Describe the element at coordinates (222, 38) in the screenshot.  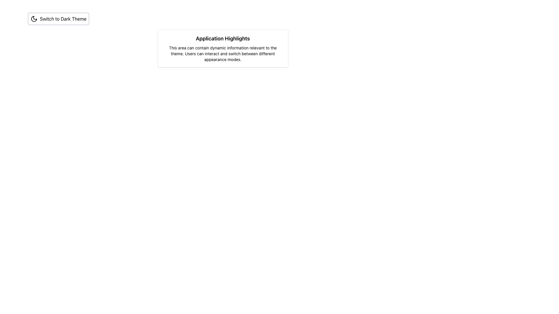
I see `the text label 'Application Highlights', which is a bold, large header styled distinctively at the top center of a white box` at that location.